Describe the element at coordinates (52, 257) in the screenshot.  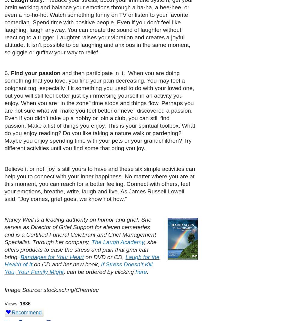
I see `'Bandages for Your Heart'` at that location.